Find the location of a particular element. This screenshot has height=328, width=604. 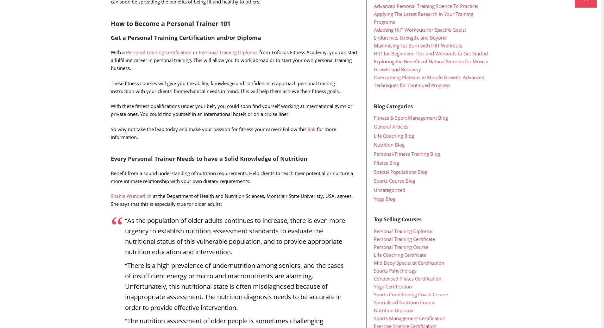

'“There is a high prevalence of undernutrition among seniors, and the cases of insufficient energy or micro and macronutrients are alarming. Unfortunately, this nutritional state is often misdiagnosed because of inappropriate assessment. The nutrition diagnosis needs to be accurate in order to provide effective intervention.' is located at coordinates (234, 299).